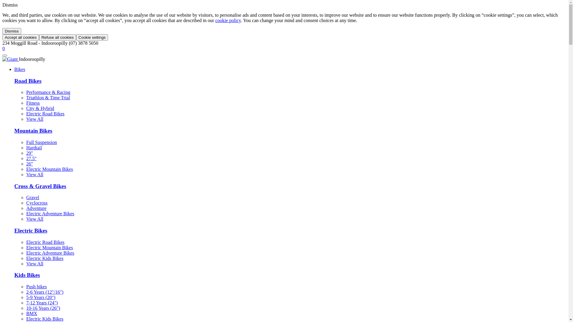 This screenshot has height=322, width=573. What do you see at coordinates (26, 92) in the screenshot?
I see `'Performance & Racing'` at bounding box center [26, 92].